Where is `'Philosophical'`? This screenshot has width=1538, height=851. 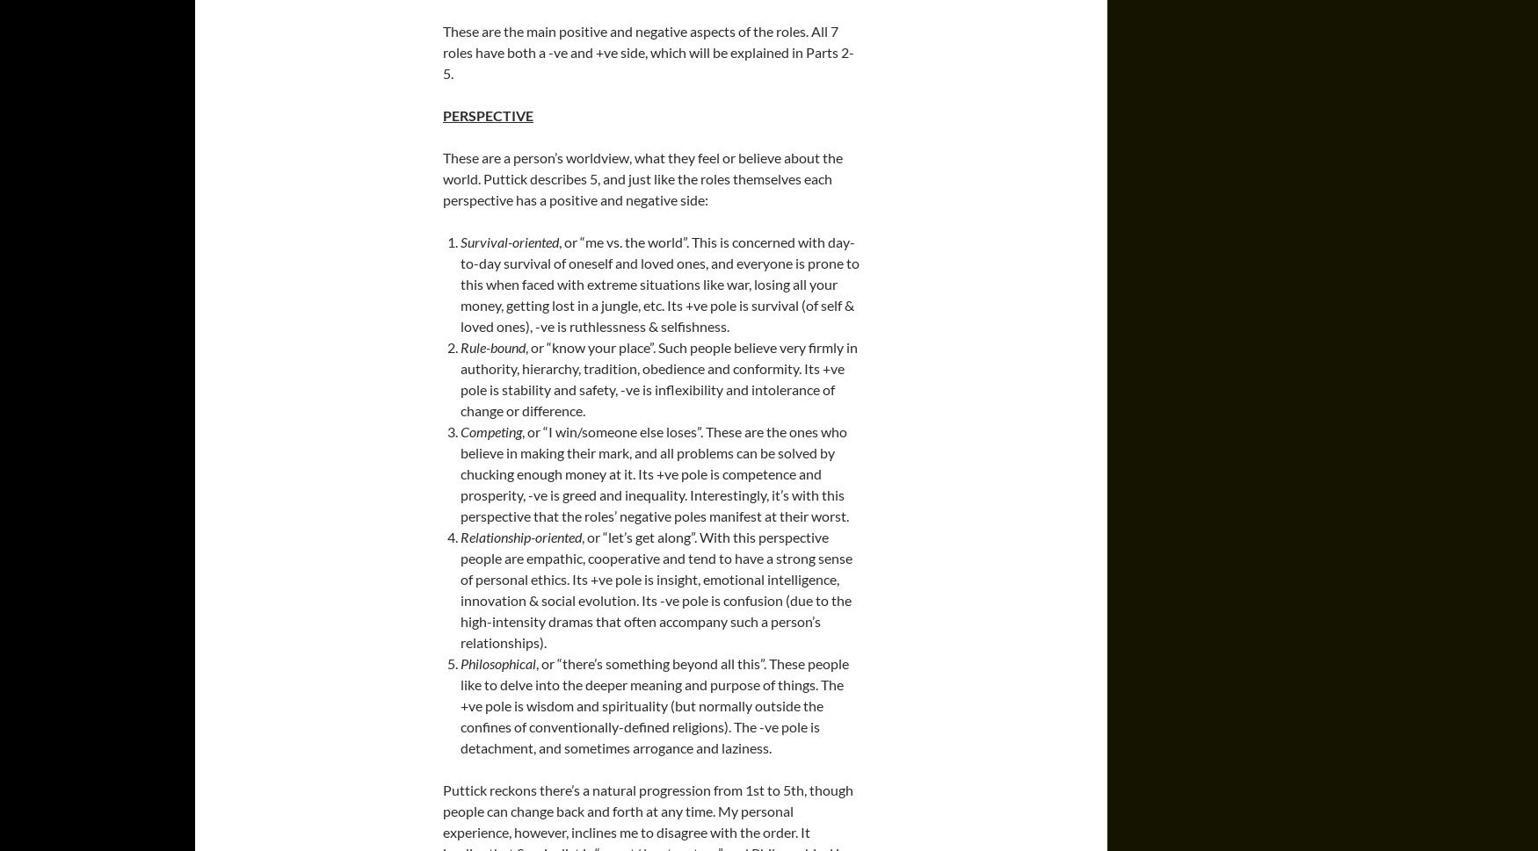
'Philosophical' is located at coordinates (498, 662).